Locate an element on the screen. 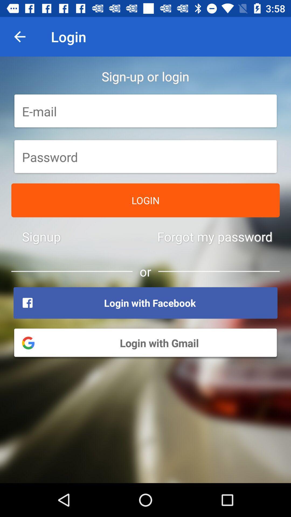 The image size is (291, 517). icon to the left of the forgot my password is located at coordinates (41, 236).